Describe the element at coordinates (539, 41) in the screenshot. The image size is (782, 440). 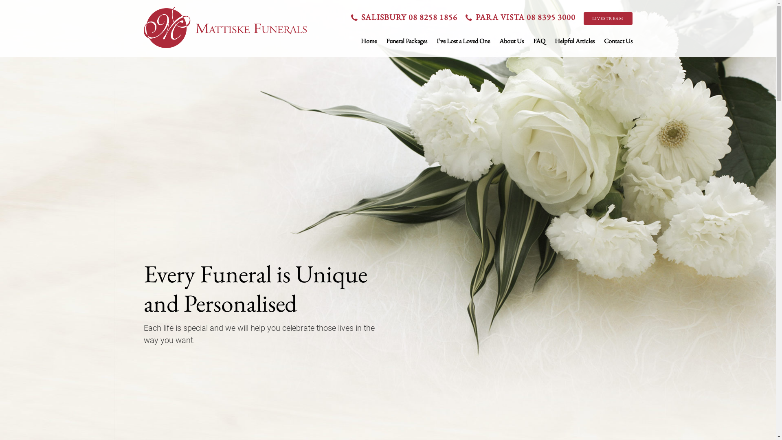
I see `'FAQ'` at that location.